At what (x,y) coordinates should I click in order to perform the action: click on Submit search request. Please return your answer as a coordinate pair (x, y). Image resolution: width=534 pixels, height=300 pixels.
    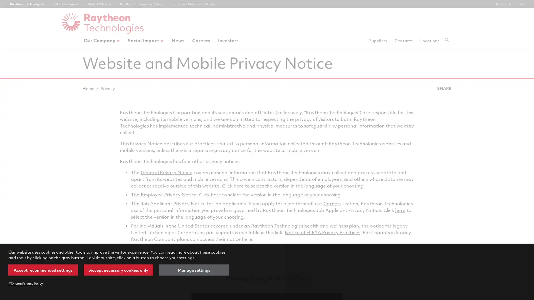
    Looking at the image, I should click on (447, 39).